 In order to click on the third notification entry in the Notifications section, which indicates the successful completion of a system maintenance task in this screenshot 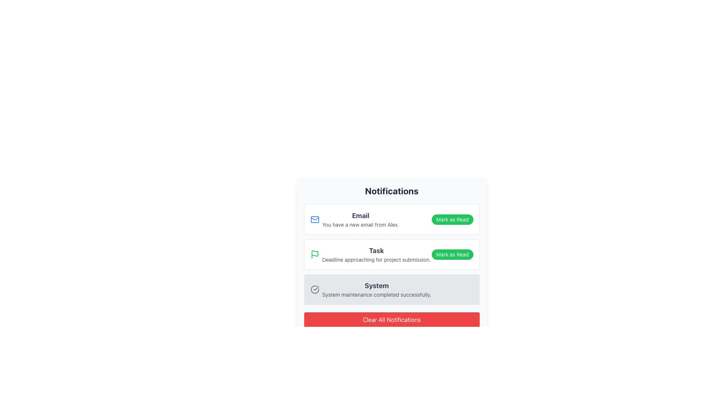, I will do `click(377, 289)`.